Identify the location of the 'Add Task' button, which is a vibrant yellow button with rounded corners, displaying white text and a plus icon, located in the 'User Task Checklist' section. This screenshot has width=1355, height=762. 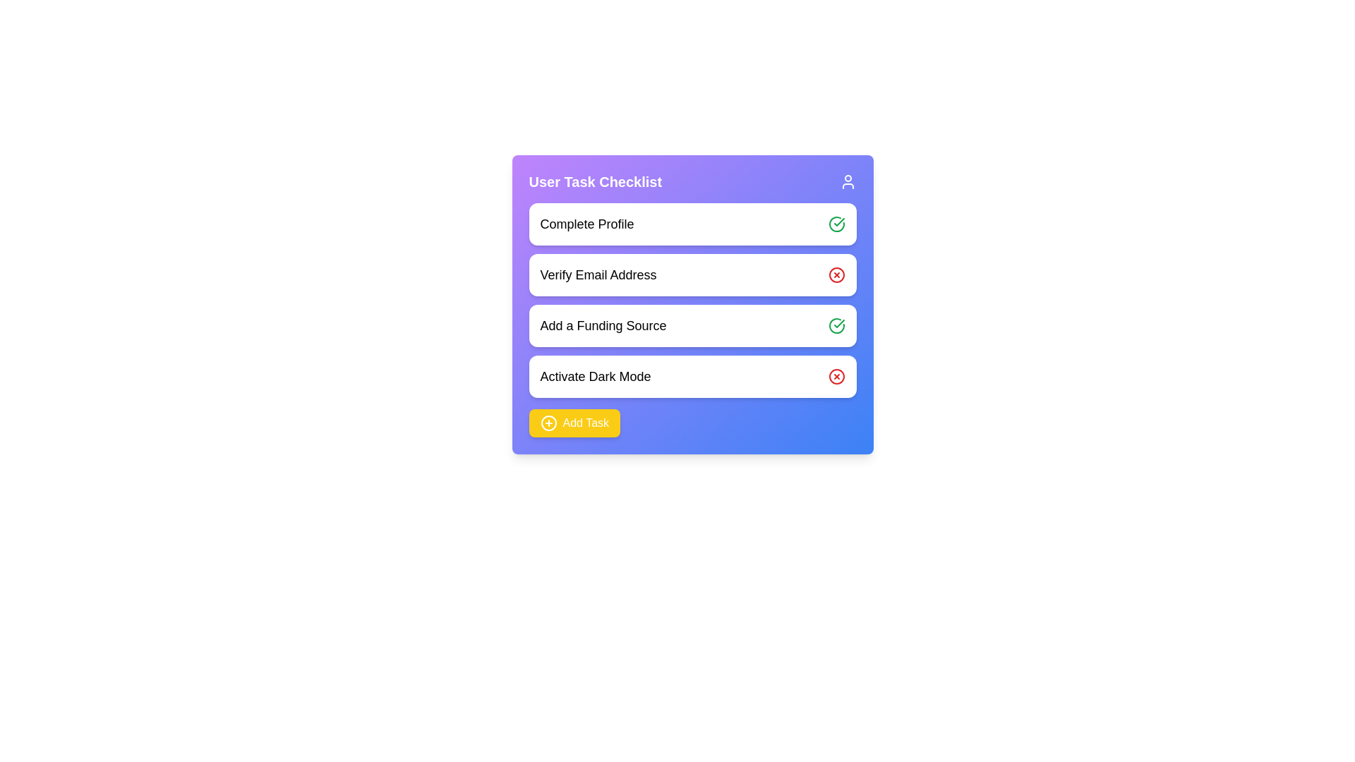
(574, 423).